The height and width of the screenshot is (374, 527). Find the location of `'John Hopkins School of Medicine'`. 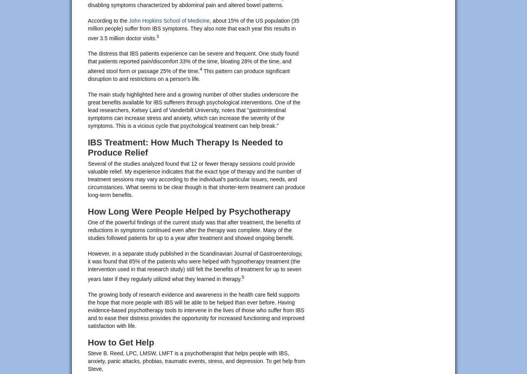

'John Hopkins School of Medicine' is located at coordinates (169, 20).